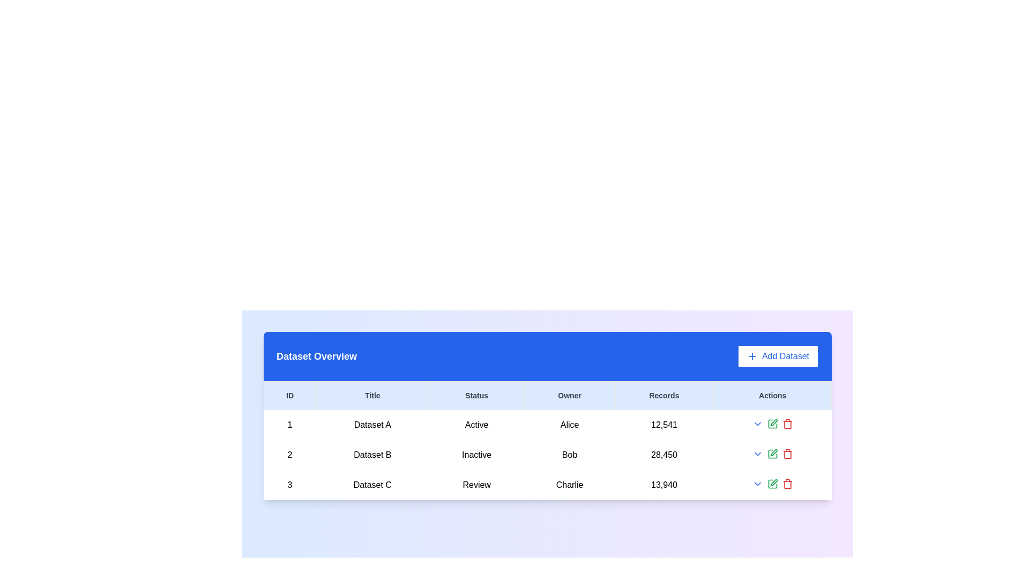 The image size is (1029, 579). What do you see at coordinates (548, 455) in the screenshot?
I see `the second row in the dataset table representing Dataset B, which displays its ID, Title, Status, Owner, and number of Records` at bounding box center [548, 455].